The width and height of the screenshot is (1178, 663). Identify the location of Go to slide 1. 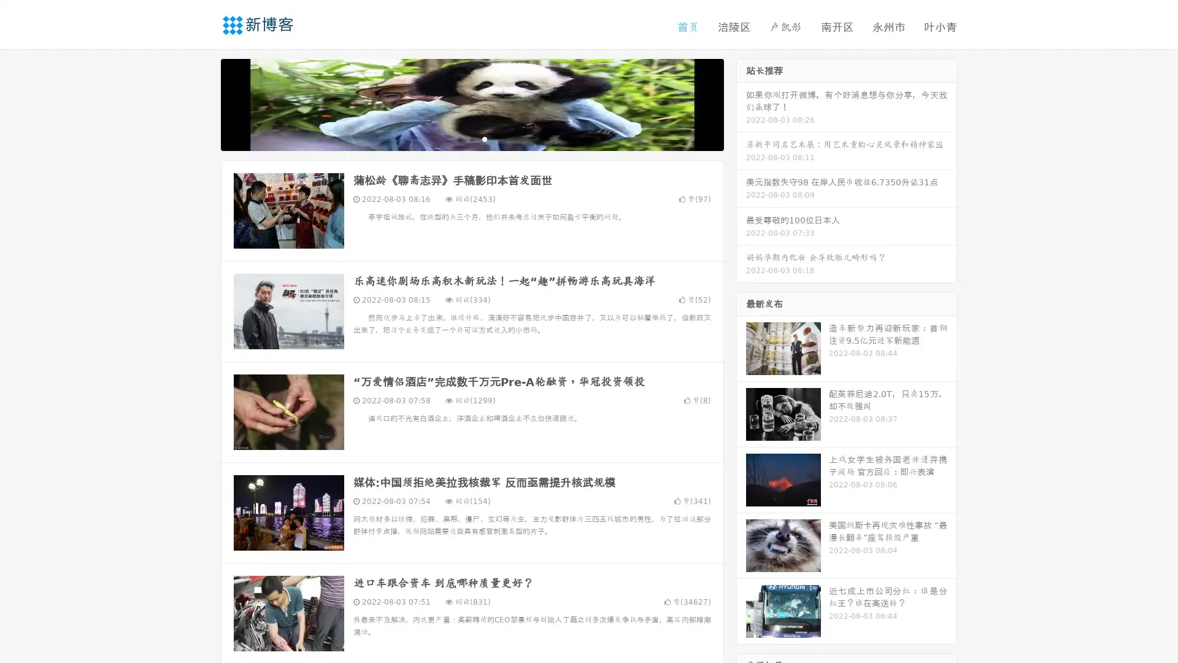
(459, 138).